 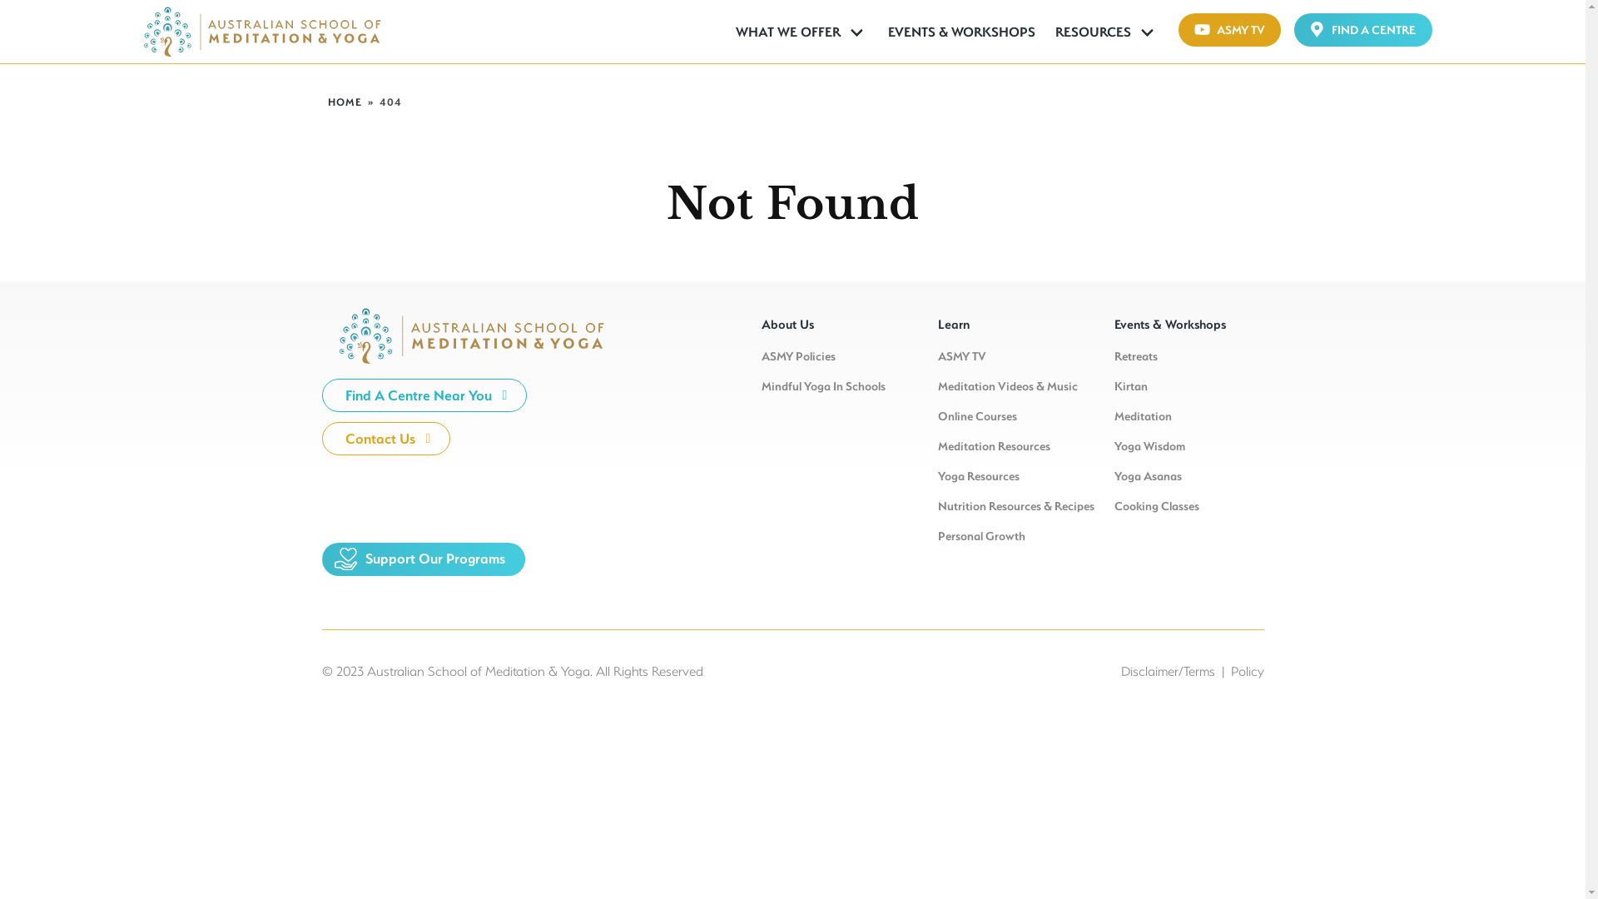 What do you see at coordinates (1154, 505) in the screenshot?
I see `'Cooking Classes'` at bounding box center [1154, 505].